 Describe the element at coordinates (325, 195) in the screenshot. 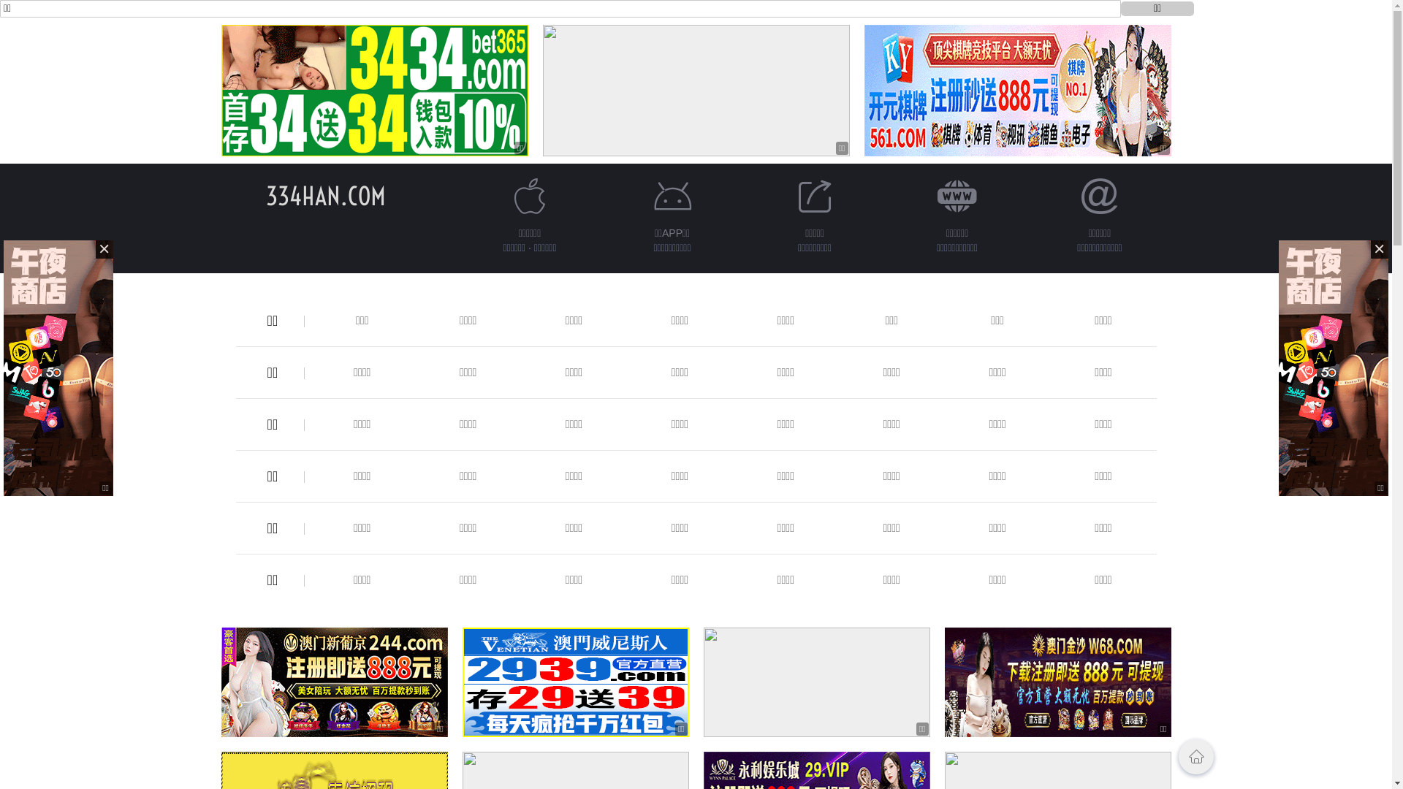

I see `'334HAN.COM'` at that location.